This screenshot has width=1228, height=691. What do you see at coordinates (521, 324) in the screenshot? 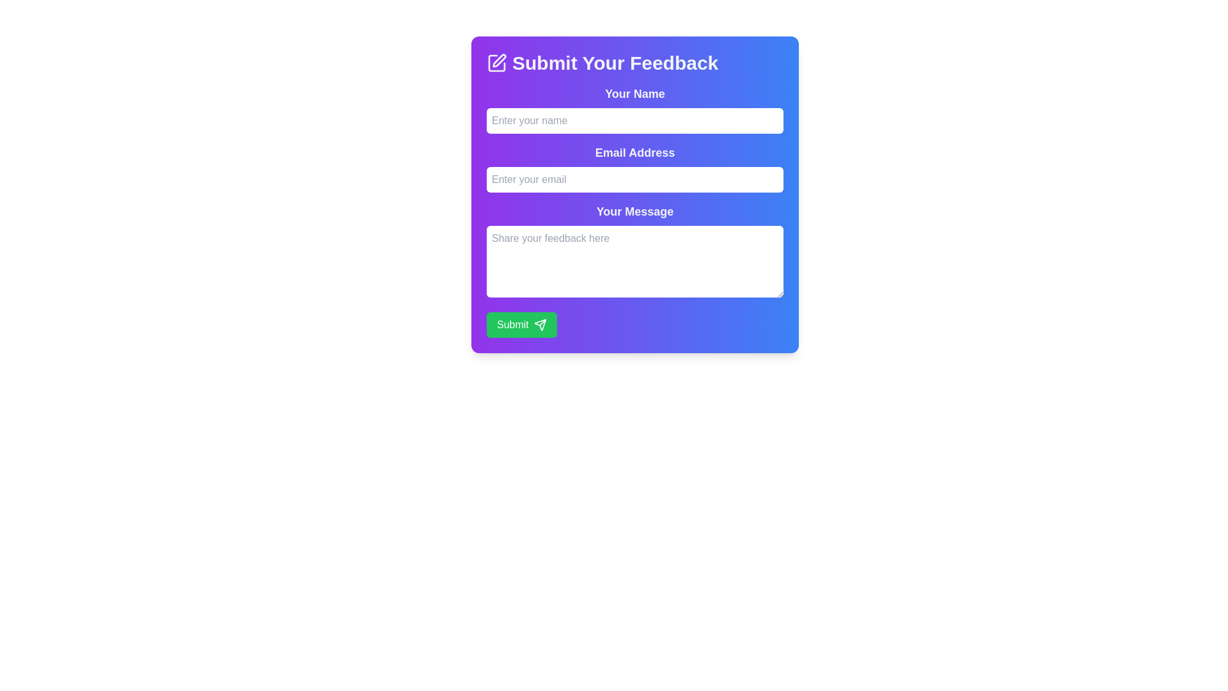
I see `the 'Submit' button with a green background and white text, located at the bottom of the feedback form` at bounding box center [521, 324].